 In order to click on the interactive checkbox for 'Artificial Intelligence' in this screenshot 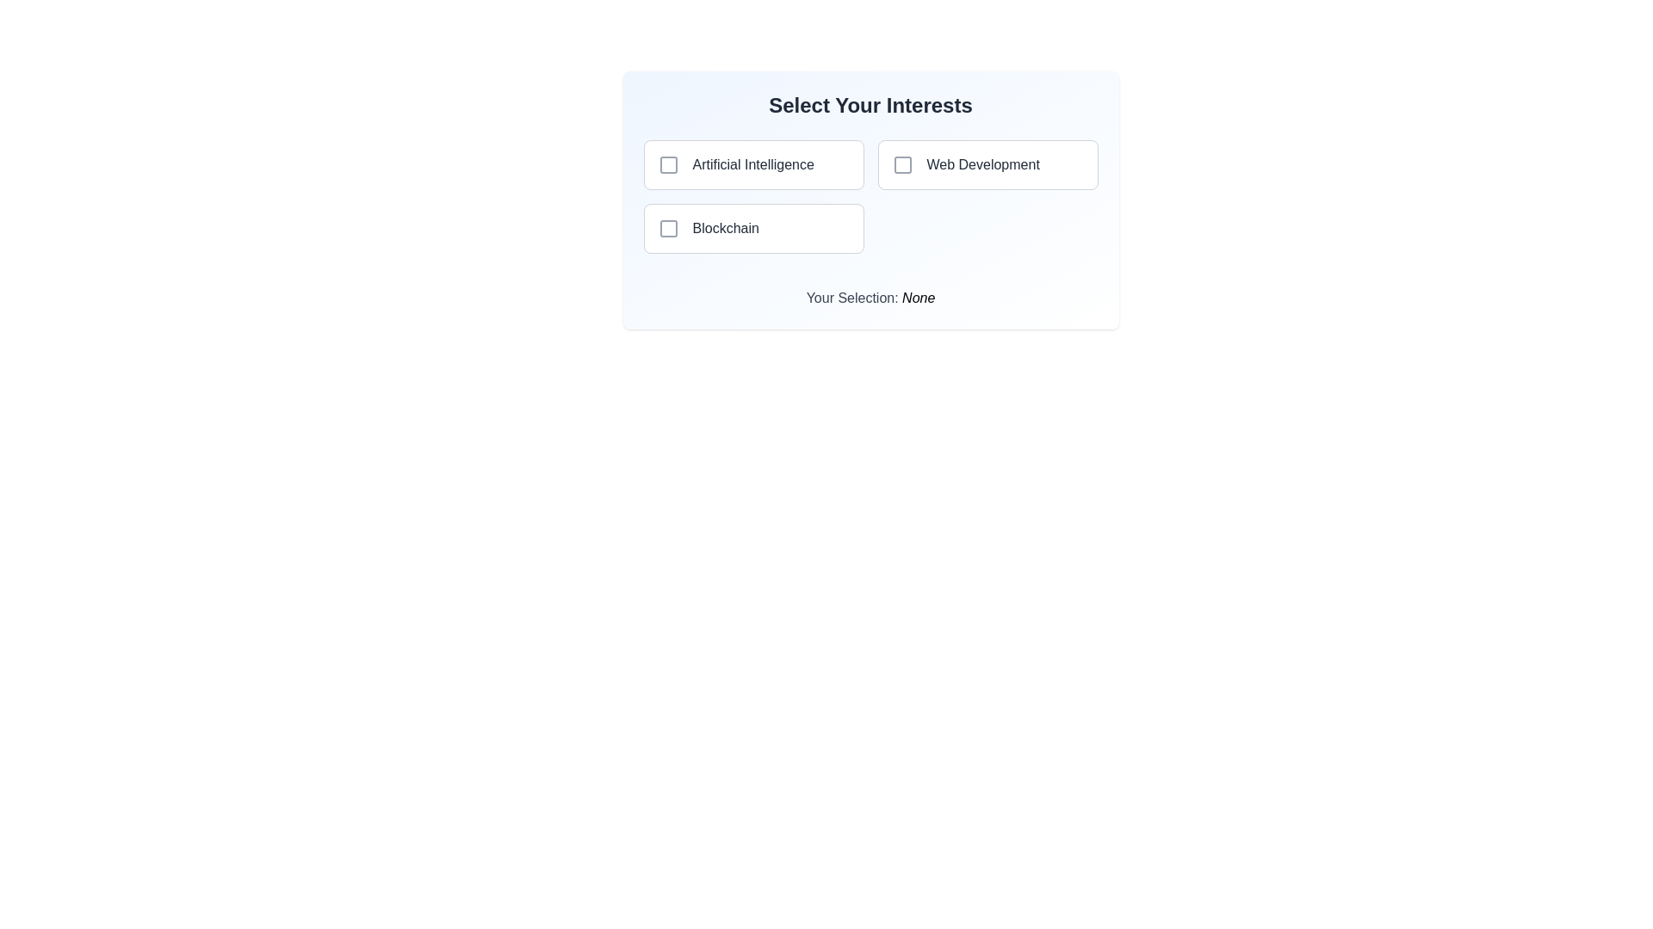, I will do `click(667, 165)`.